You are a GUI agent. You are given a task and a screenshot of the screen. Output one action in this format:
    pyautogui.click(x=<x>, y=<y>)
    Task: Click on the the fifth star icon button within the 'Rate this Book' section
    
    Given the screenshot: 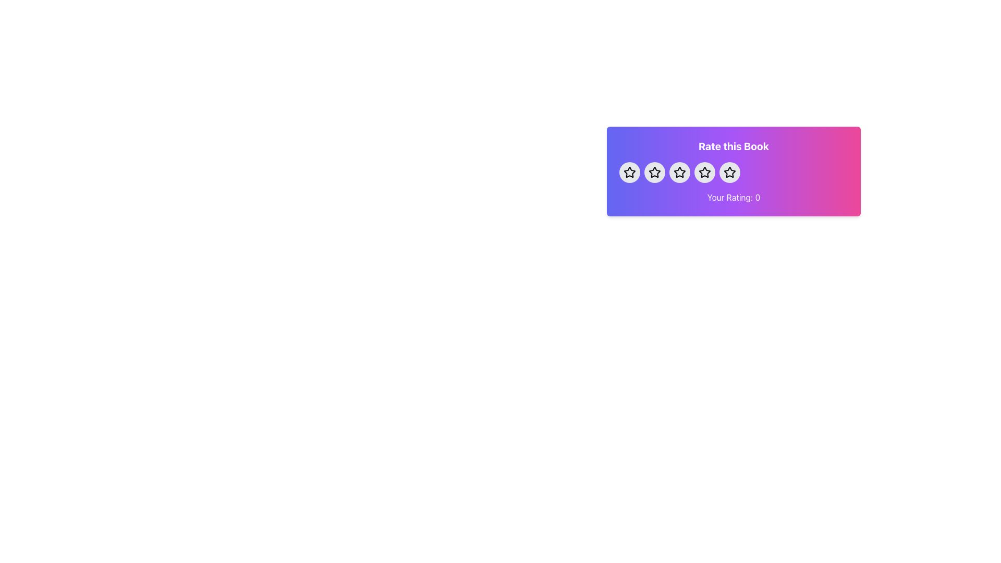 What is the action you would take?
    pyautogui.click(x=729, y=172)
    